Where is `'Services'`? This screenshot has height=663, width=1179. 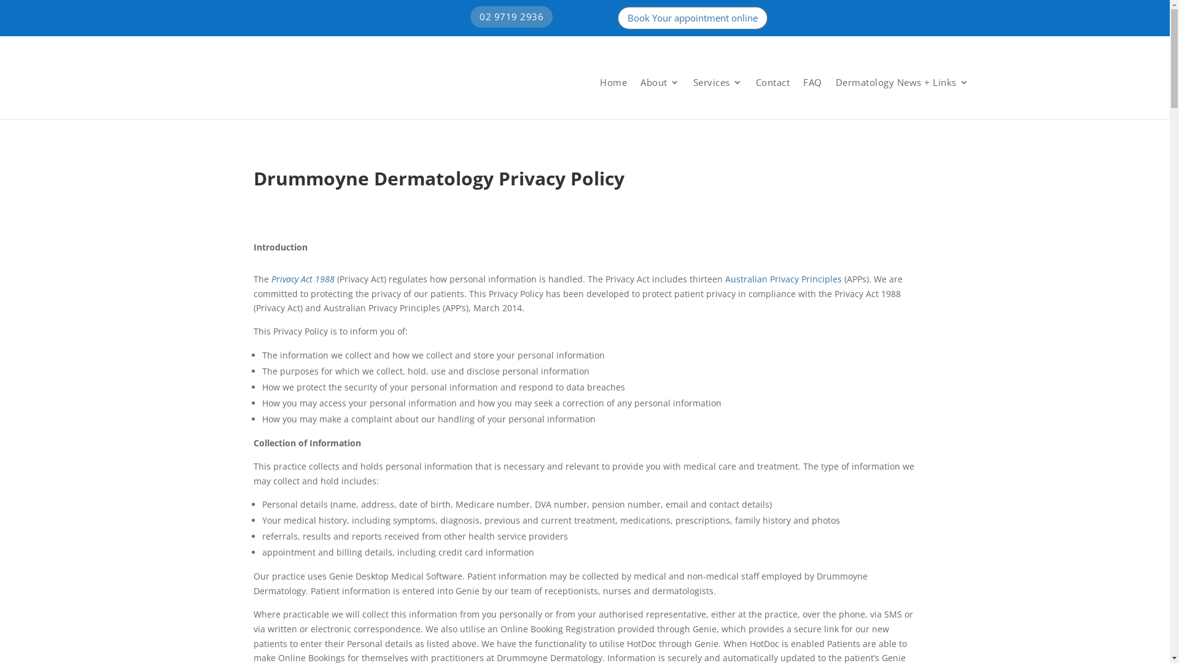 'Services' is located at coordinates (717, 82).